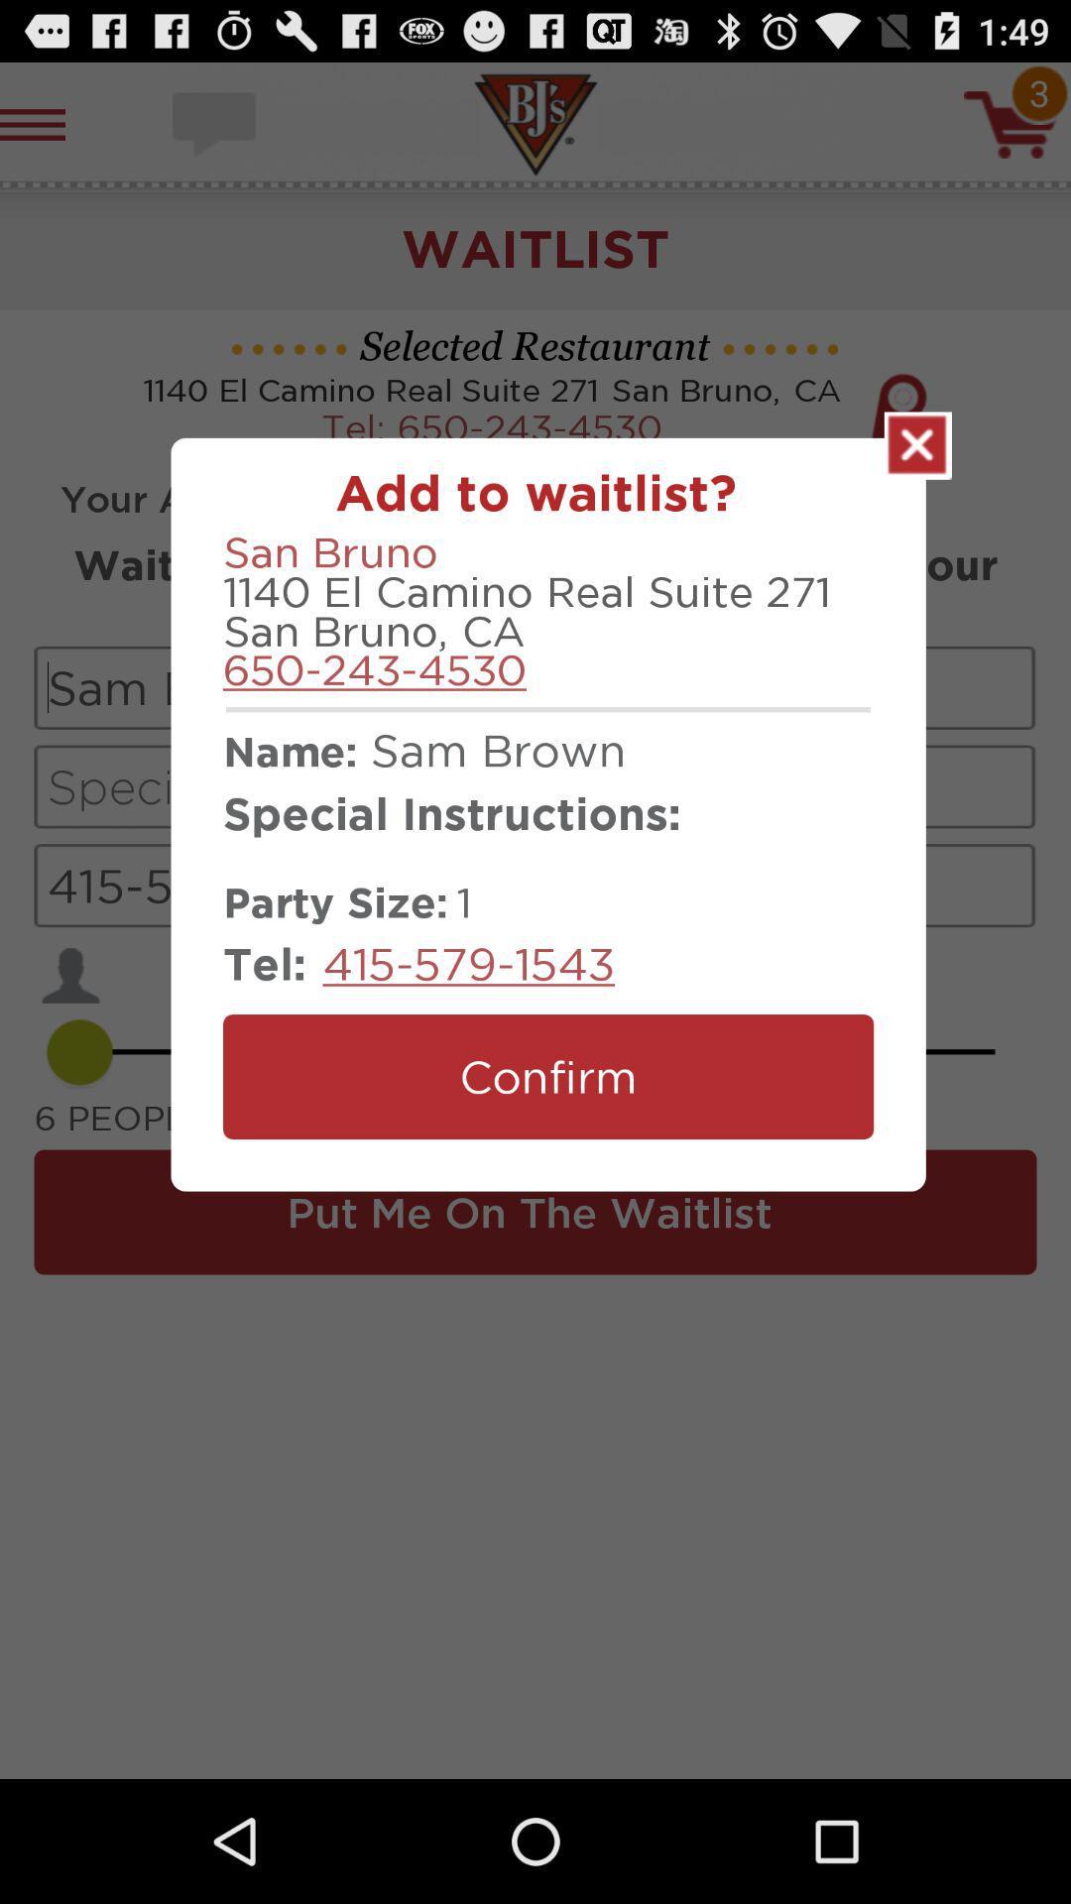  What do you see at coordinates (375, 669) in the screenshot?
I see `icon below the 1140 el camino app` at bounding box center [375, 669].